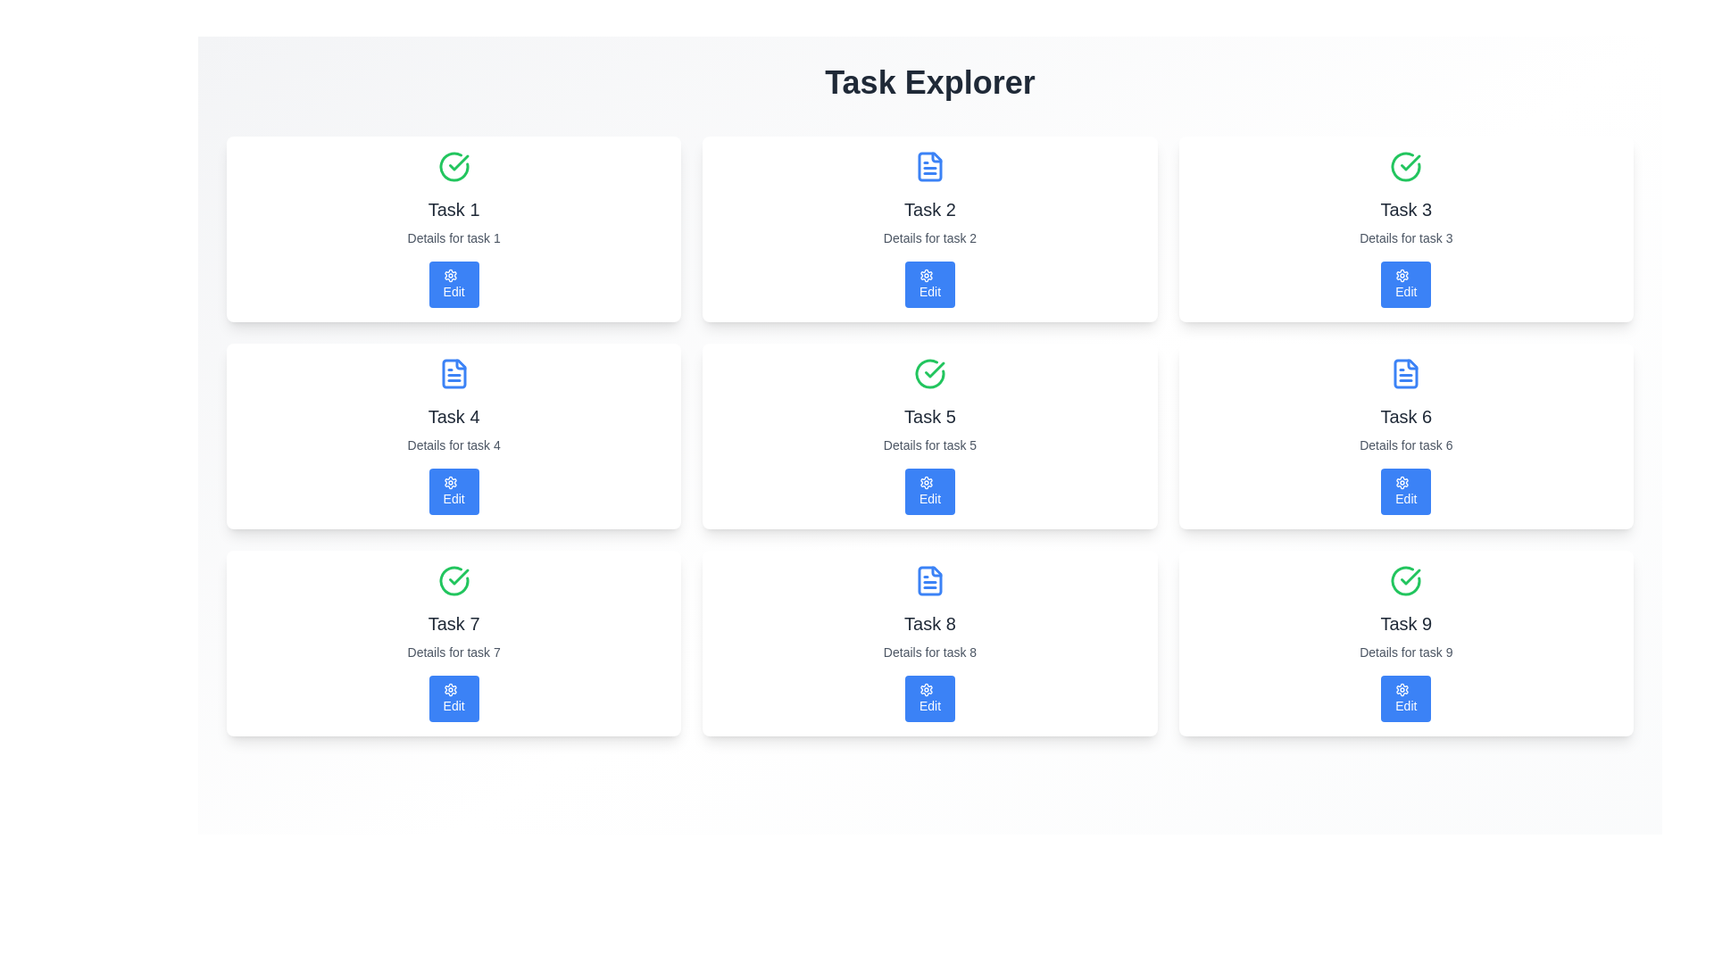  Describe the element at coordinates (1405, 373) in the screenshot. I see `the document icon associated with 'Task 6', which is located in the second row, middle column of the task card` at that location.